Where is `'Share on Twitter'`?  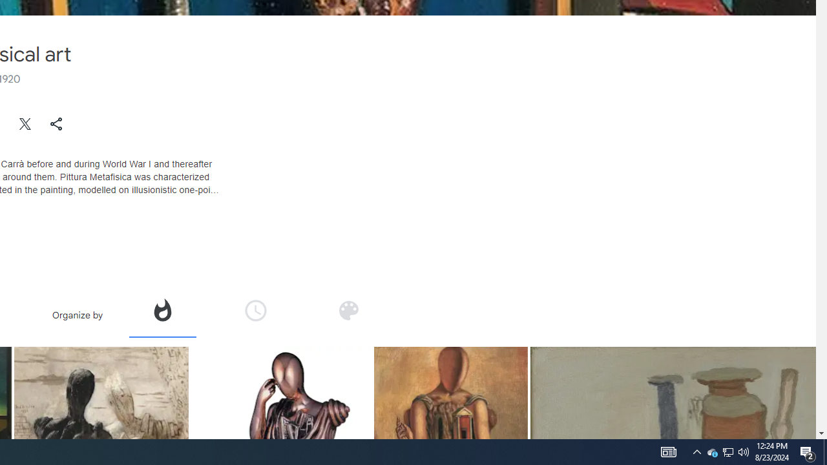
'Share on Twitter' is located at coordinates (25, 123).